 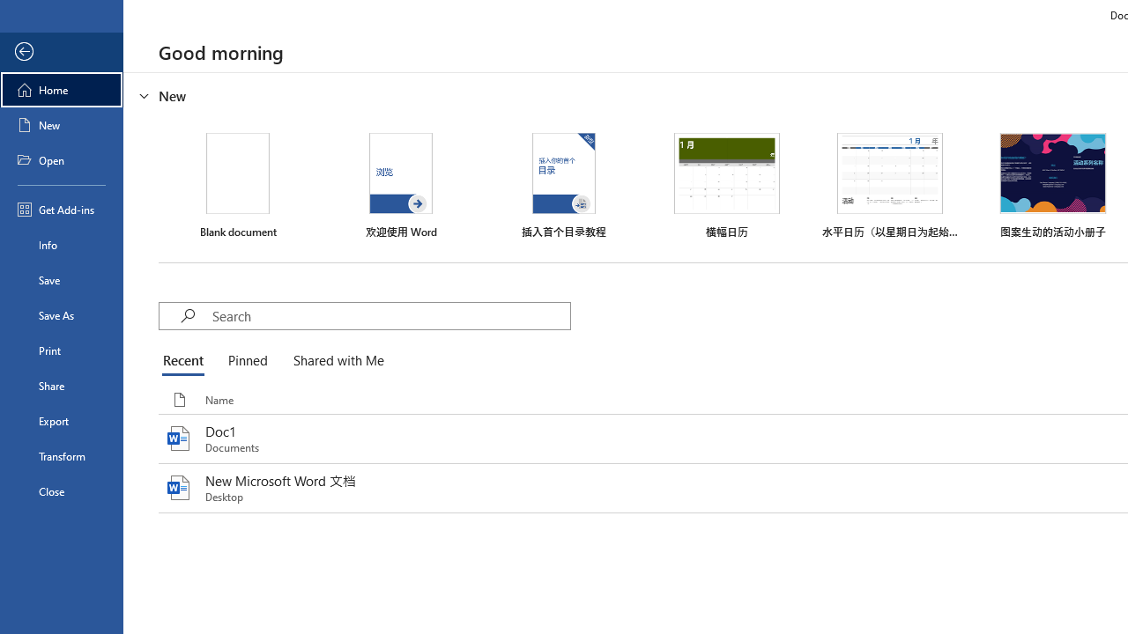 I want to click on 'New', so click(x=61, y=123).